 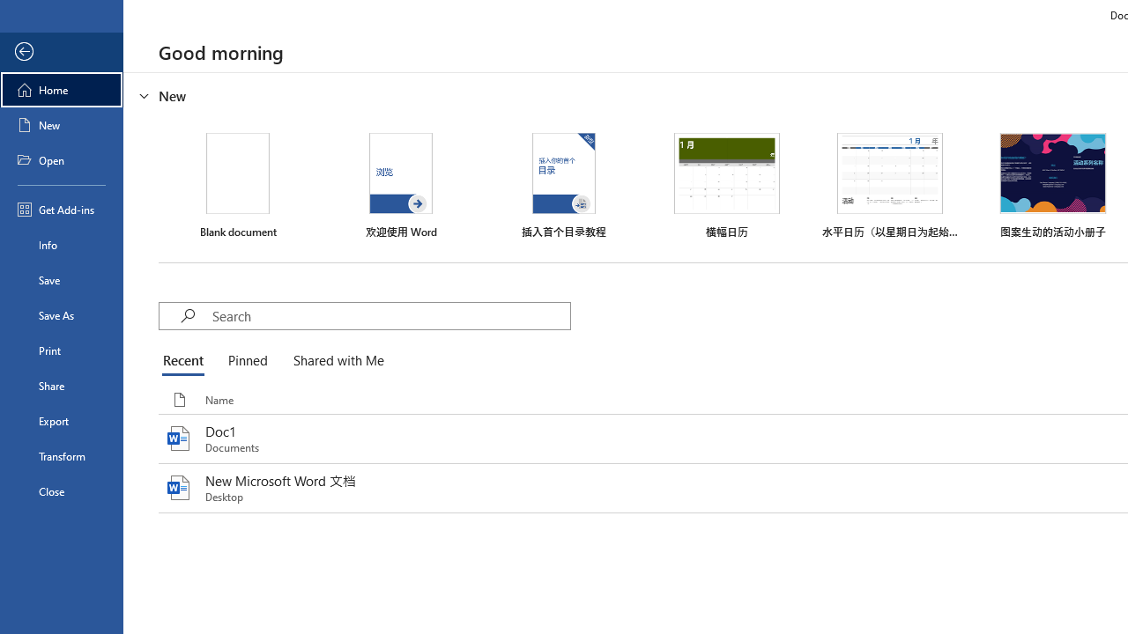 I want to click on 'New', so click(x=61, y=123).